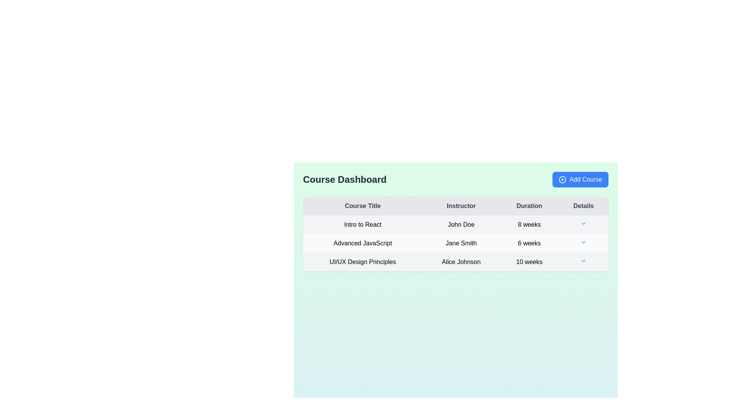  What do you see at coordinates (584, 205) in the screenshot?
I see `text of the 'Details' column header label in the rightmost column of the table under 'Course Dashboard'` at bounding box center [584, 205].